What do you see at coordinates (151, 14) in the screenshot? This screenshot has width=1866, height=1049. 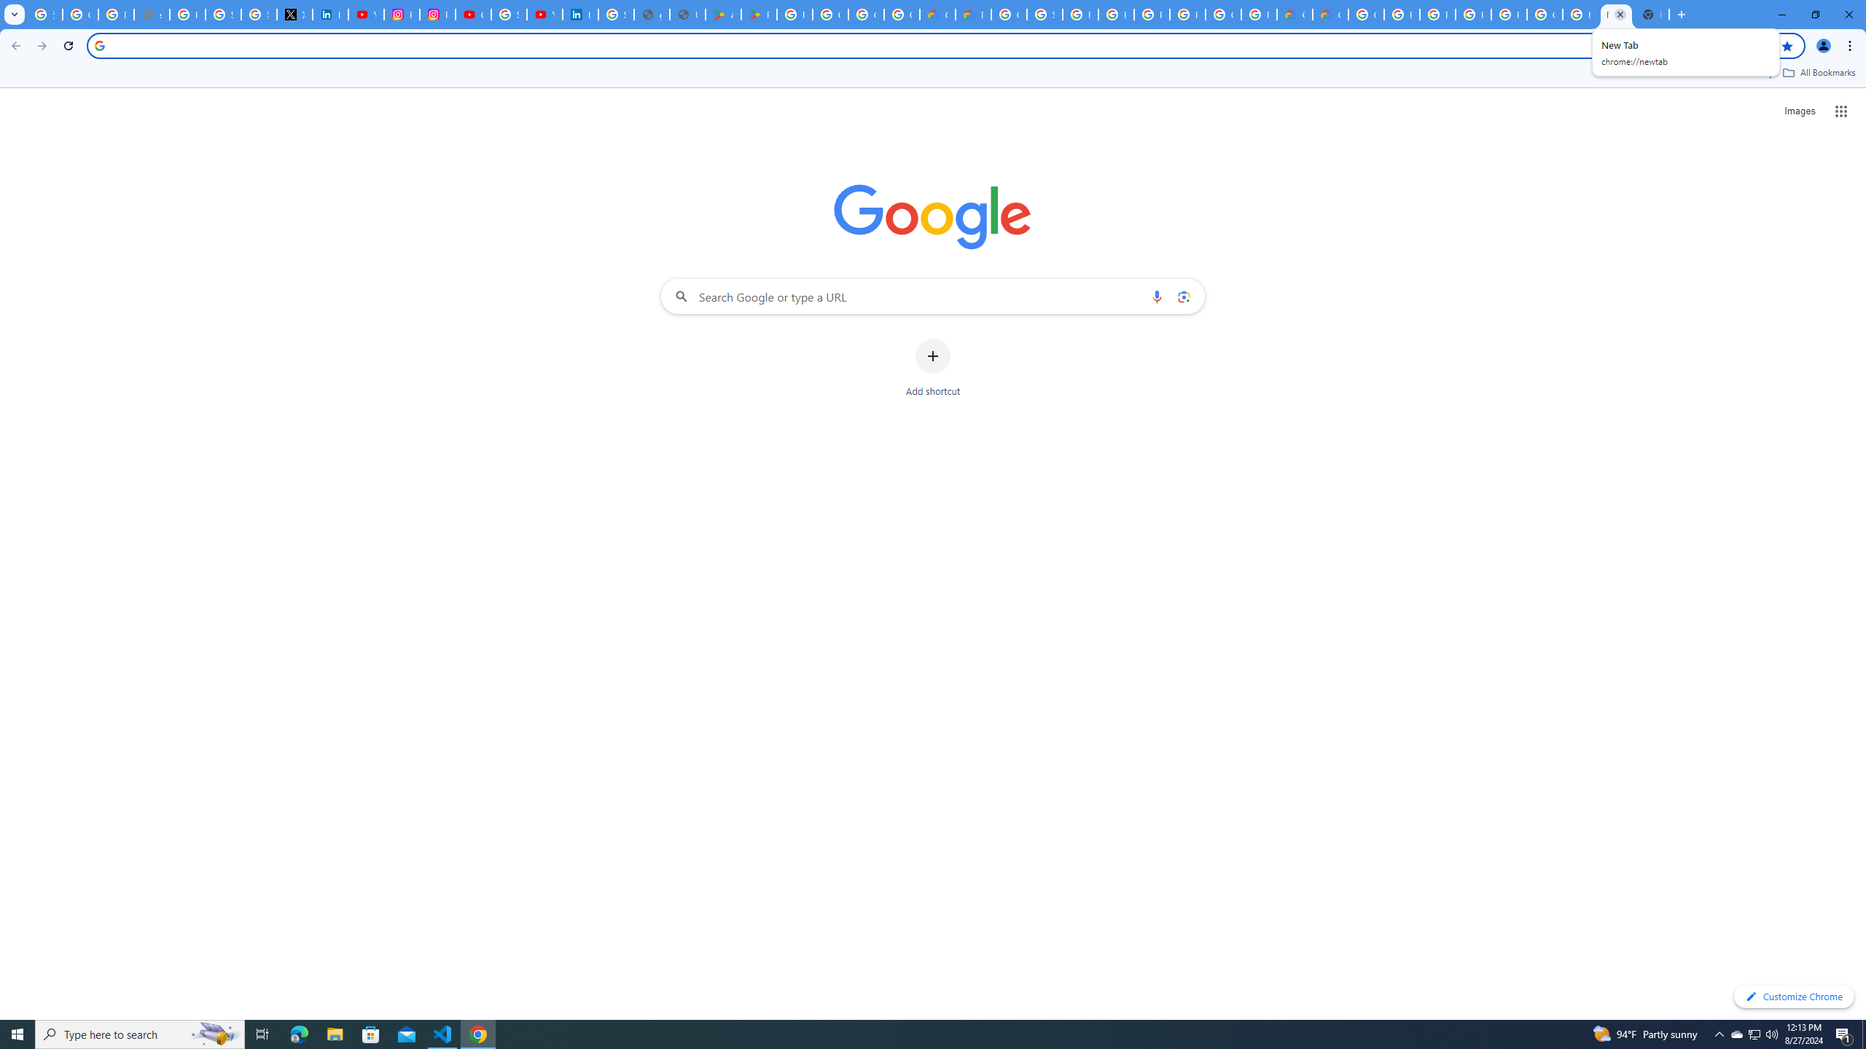 I see `'support.google.com - Network error'` at bounding box center [151, 14].